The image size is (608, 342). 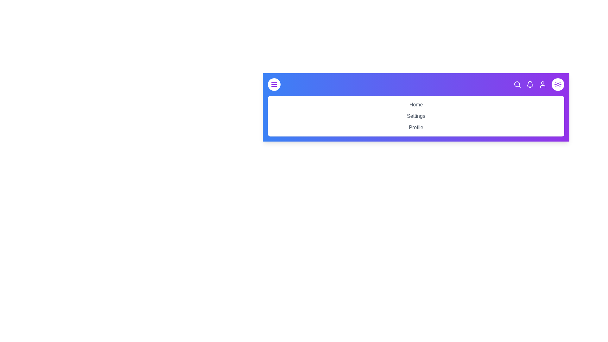 What do you see at coordinates (274, 84) in the screenshot?
I see `menu toggle button to toggle the menu visibility` at bounding box center [274, 84].